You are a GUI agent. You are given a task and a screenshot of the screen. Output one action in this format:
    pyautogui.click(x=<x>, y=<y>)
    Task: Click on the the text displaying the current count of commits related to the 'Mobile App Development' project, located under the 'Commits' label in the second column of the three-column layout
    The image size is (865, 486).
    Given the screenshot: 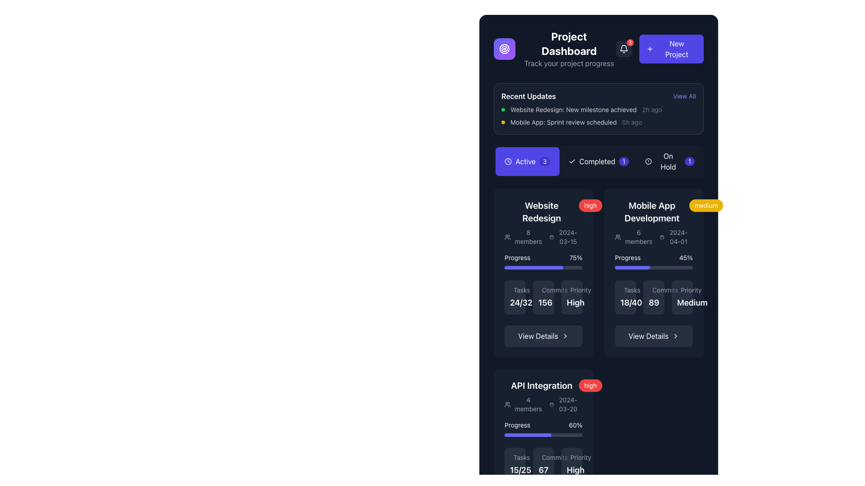 What is the action you would take?
    pyautogui.click(x=654, y=297)
    